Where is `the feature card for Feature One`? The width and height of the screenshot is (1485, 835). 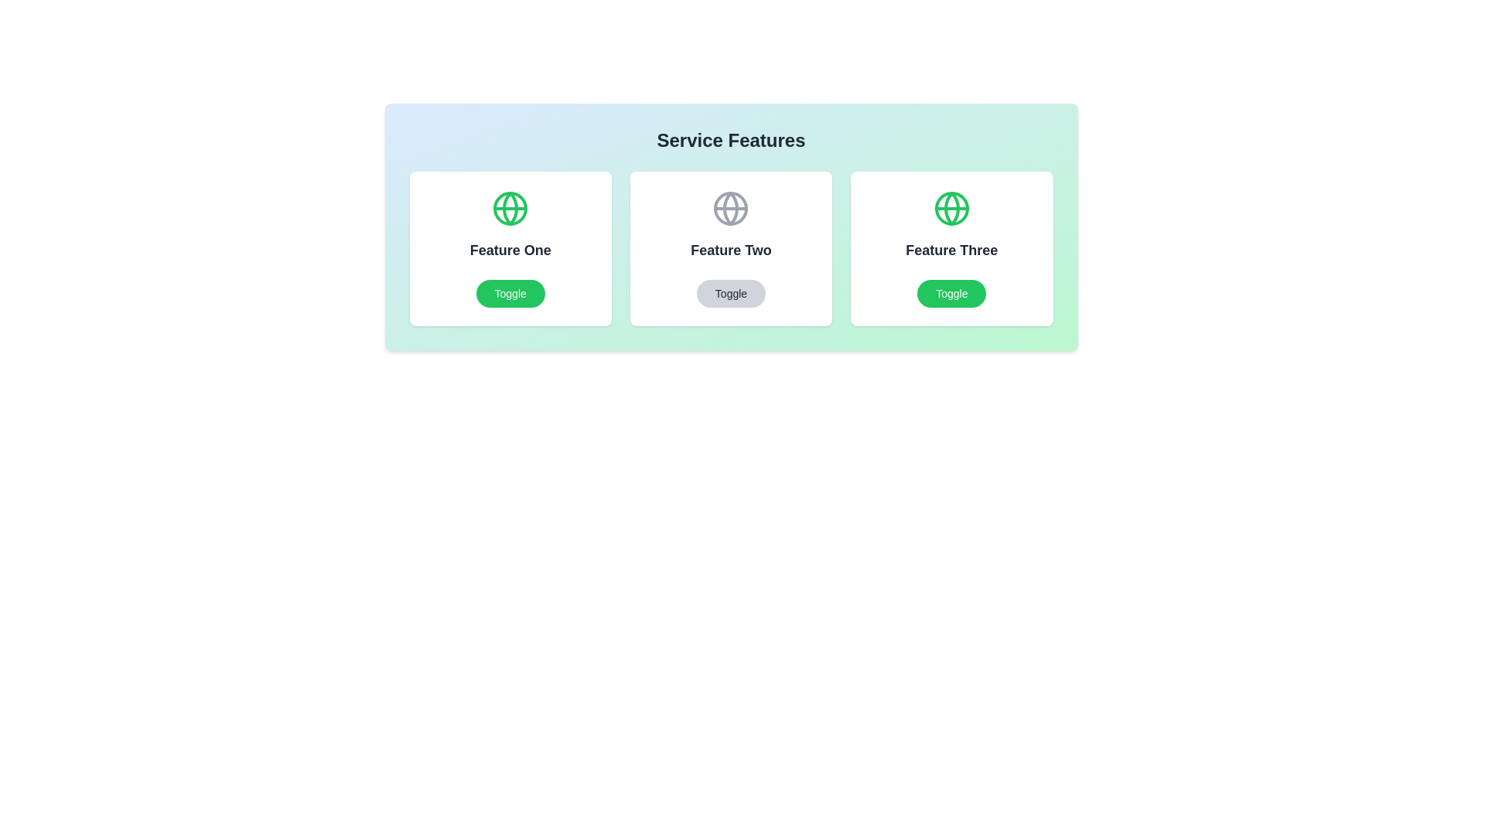
the feature card for Feature One is located at coordinates (510, 247).